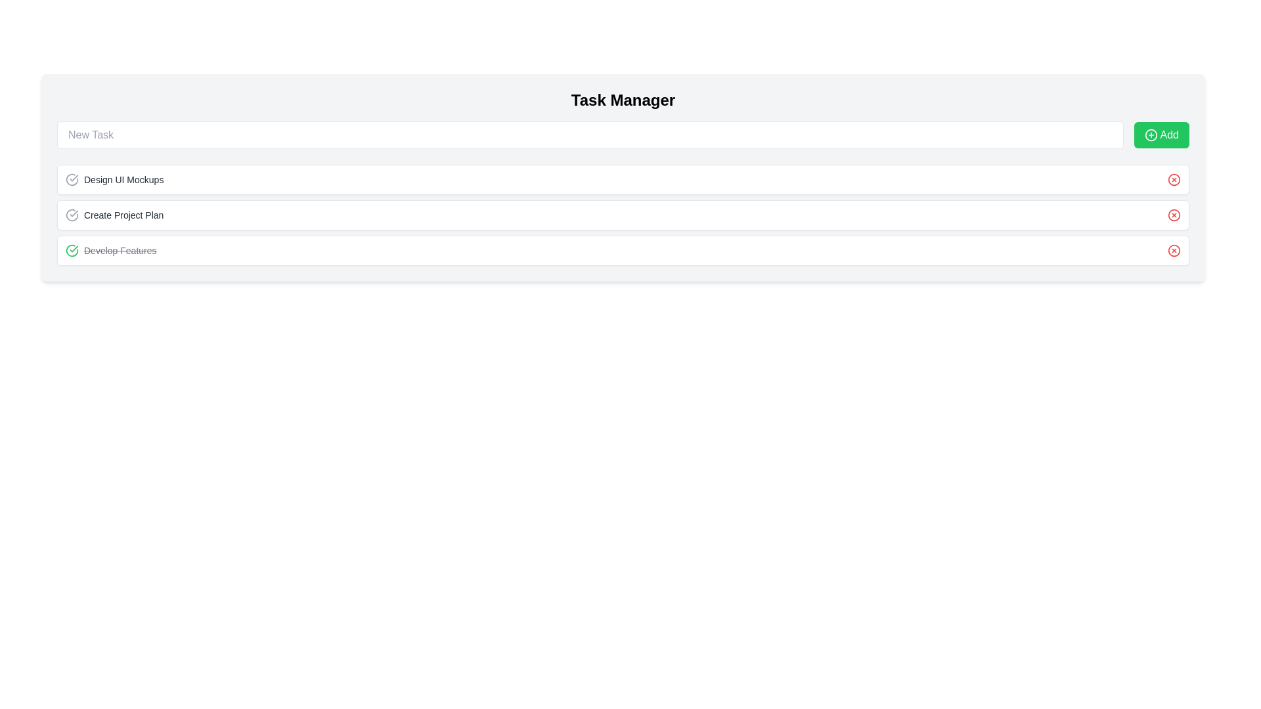  Describe the element at coordinates (72, 179) in the screenshot. I see `the circular wireframe icon with a checkmark located to the left of the text 'Design UI Mockups' in the first task item of the vertical task list` at that location.